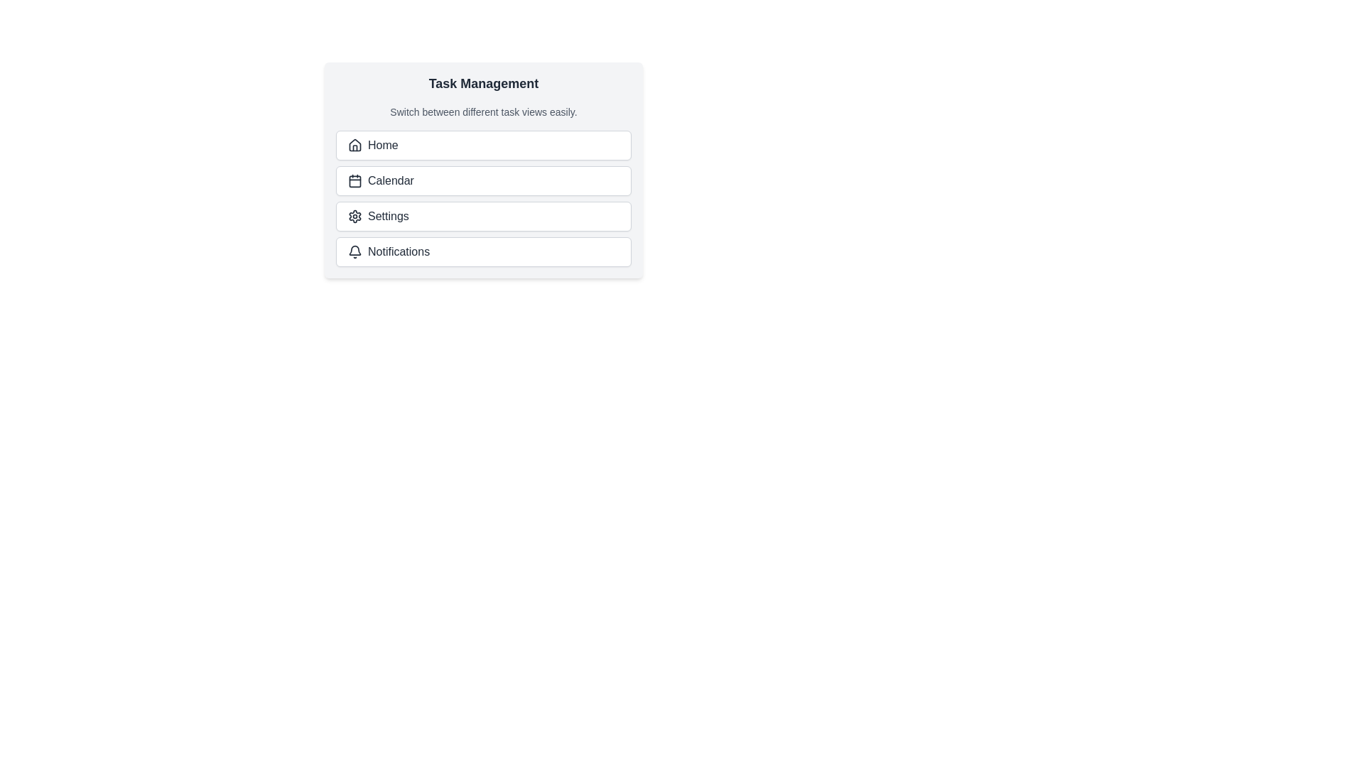 This screenshot has height=767, width=1364. I want to click on the Home button located, so click(484, 145).